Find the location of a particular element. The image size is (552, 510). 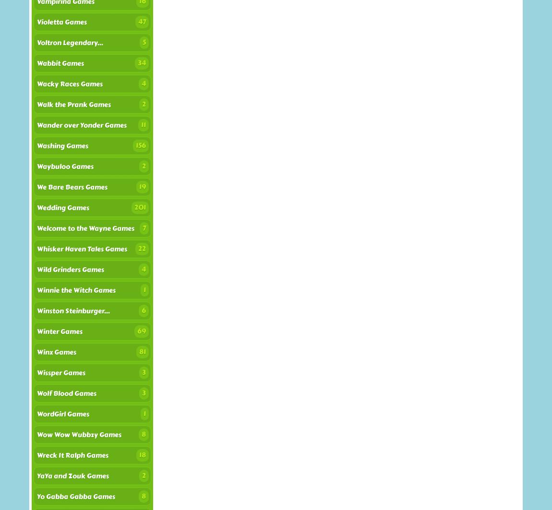

'Wabbit Games' is located at coordinates (60, 63).